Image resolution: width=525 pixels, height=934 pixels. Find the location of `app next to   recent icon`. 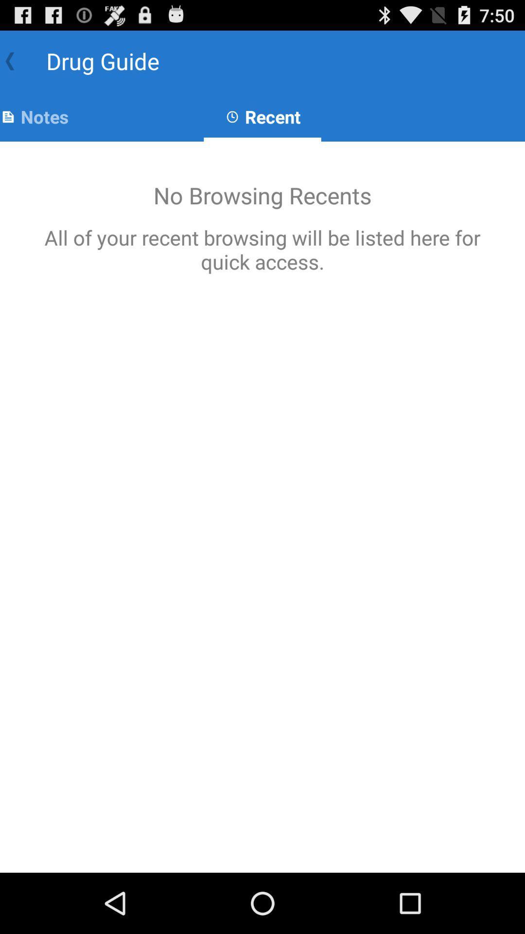

app next to   recent icon is located at coordinates (34, 117).